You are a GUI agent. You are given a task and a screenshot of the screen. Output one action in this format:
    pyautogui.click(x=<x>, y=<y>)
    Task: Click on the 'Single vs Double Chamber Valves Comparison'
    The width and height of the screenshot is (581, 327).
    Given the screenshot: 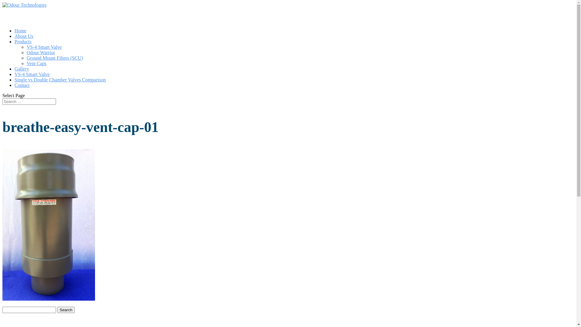 What is the action you would take?
    pyautogui.click(x=60, y=88)
    